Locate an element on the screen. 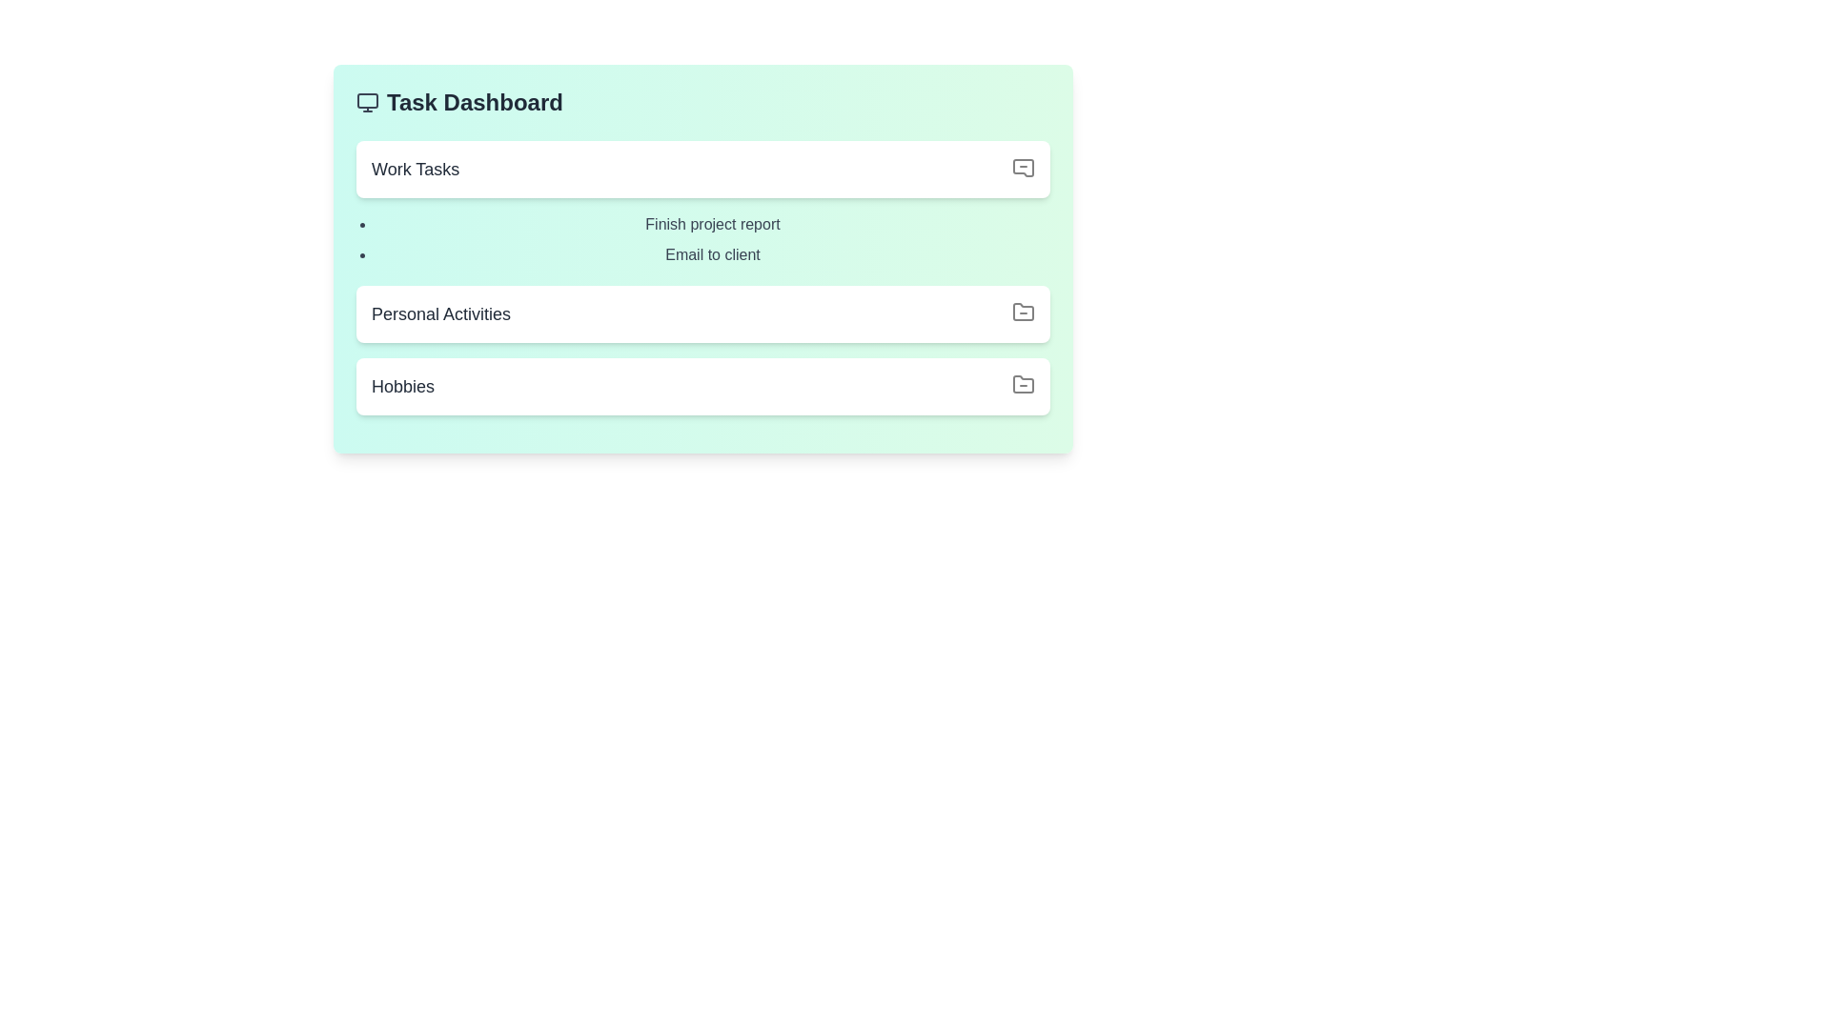  the icon associated with the 'Work Tasks' section to view its visual representation is located at coordinates (1023, 167).